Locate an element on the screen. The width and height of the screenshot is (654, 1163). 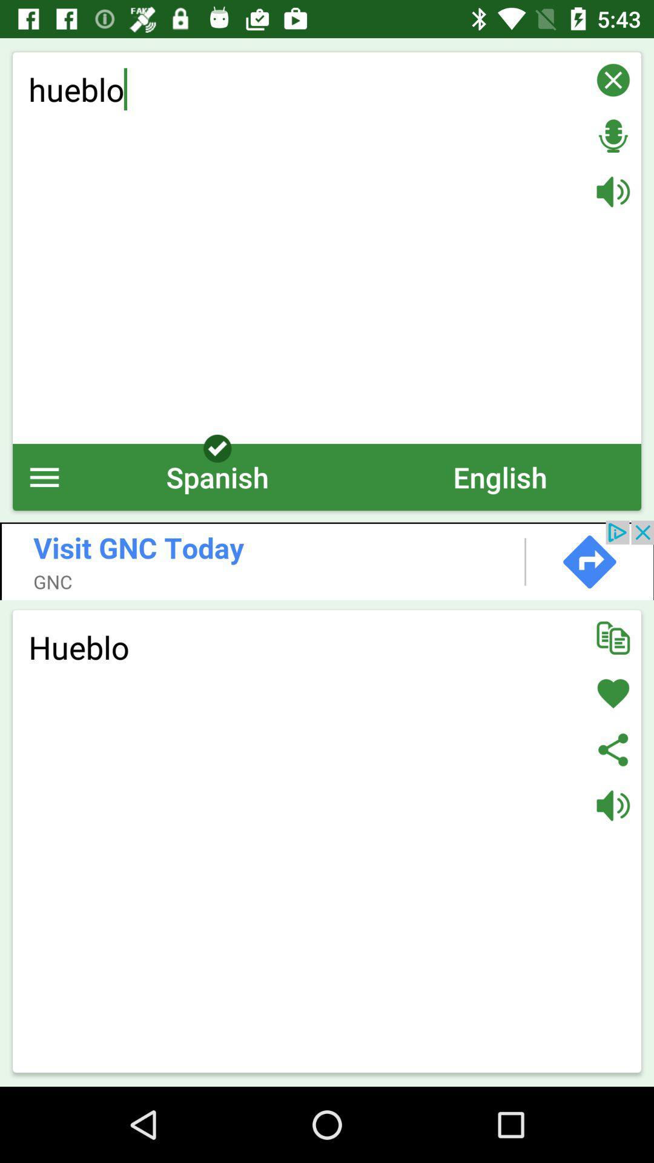
open add is located at coordinates (327, 560).